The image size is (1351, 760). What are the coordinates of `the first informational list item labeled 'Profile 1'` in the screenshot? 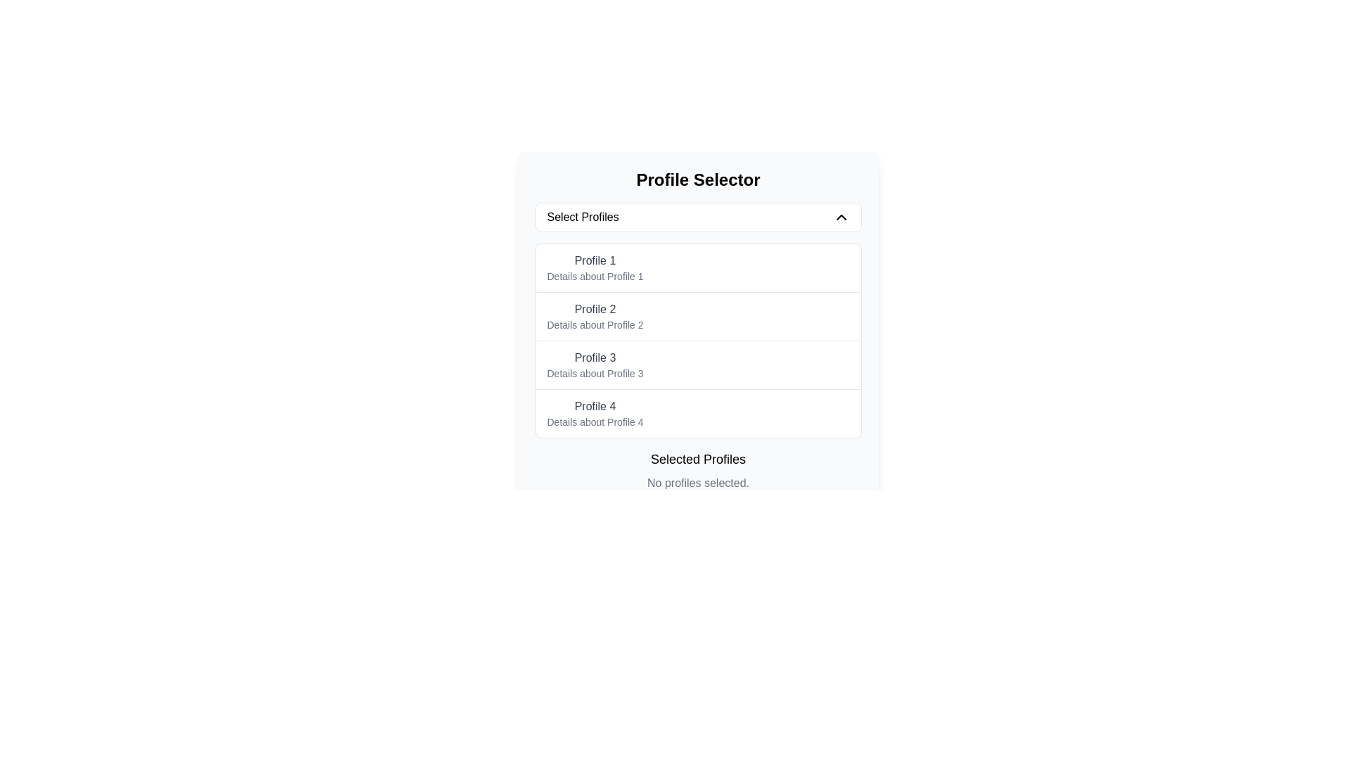 It's located at (595, 268).